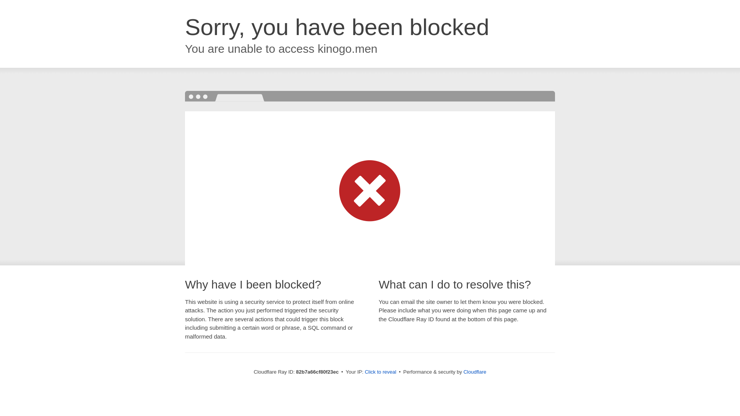 This screenshot has height=416, width=740. What do you see at coordinates (380, 371) in the screenshot?
I see `'Click to reveal'` at bounding box center [380, 371].